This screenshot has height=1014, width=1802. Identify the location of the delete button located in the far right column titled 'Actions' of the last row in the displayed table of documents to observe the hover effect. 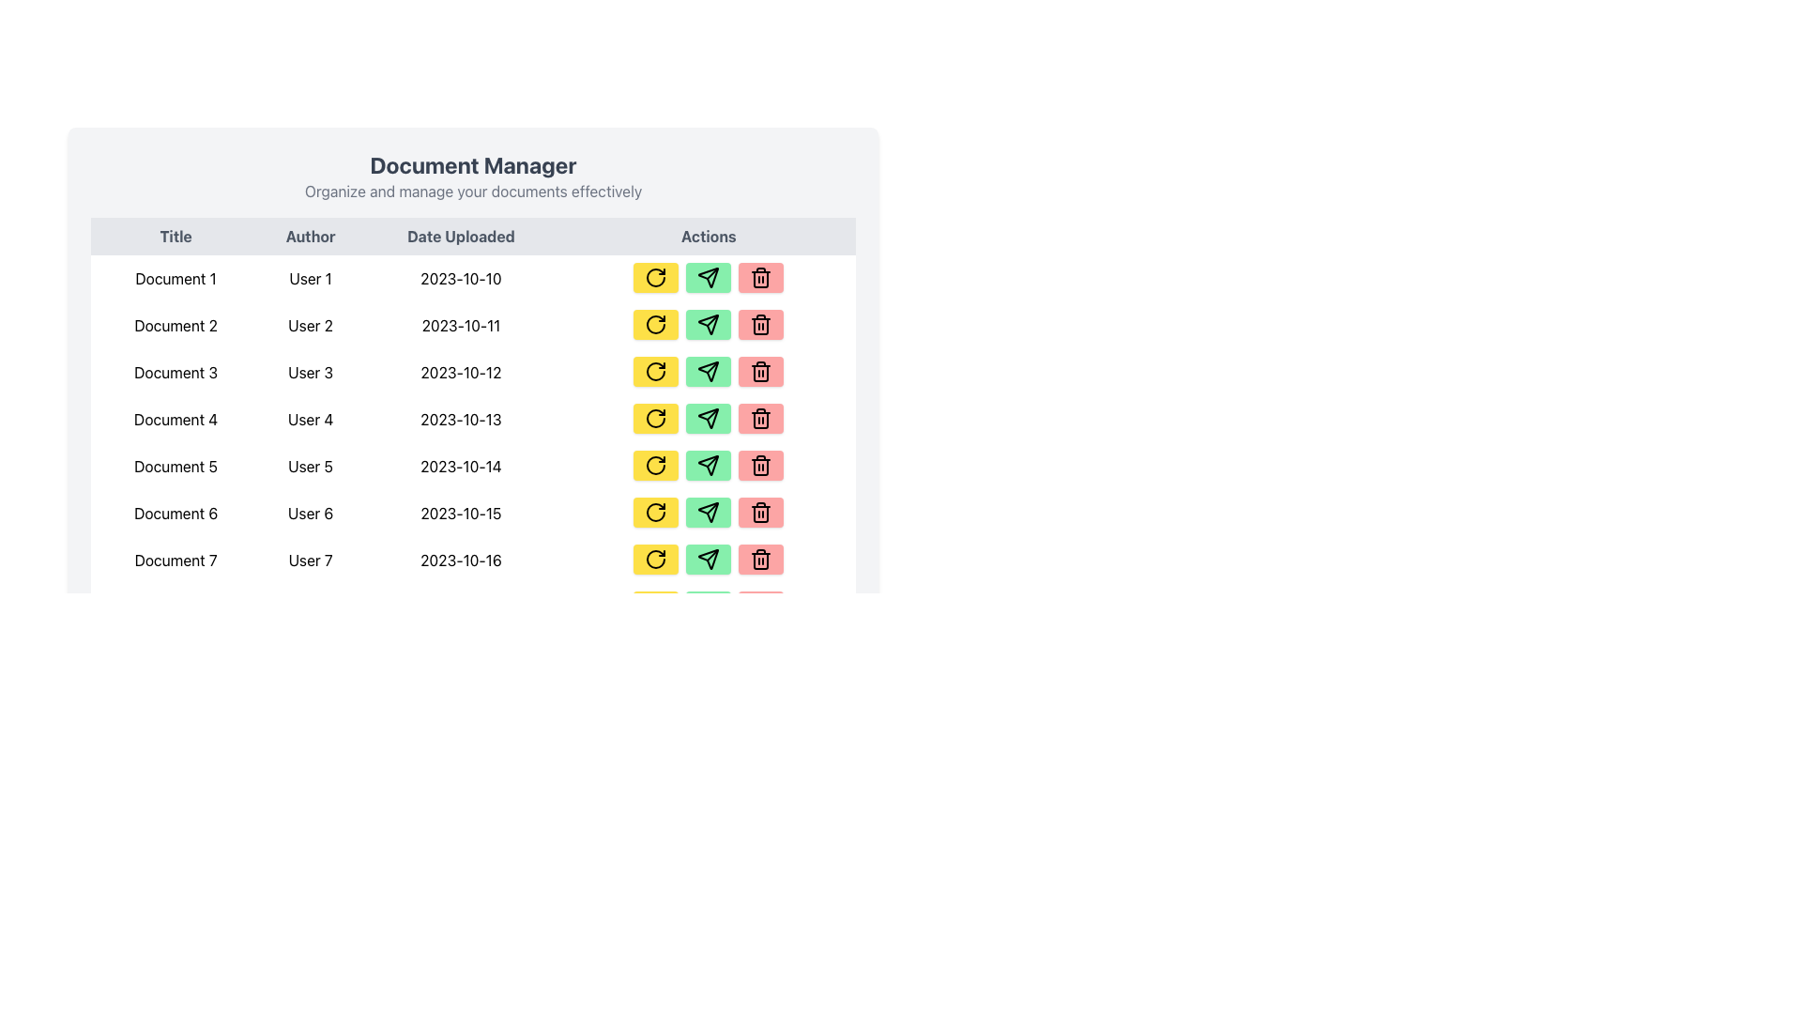
(761, 793).